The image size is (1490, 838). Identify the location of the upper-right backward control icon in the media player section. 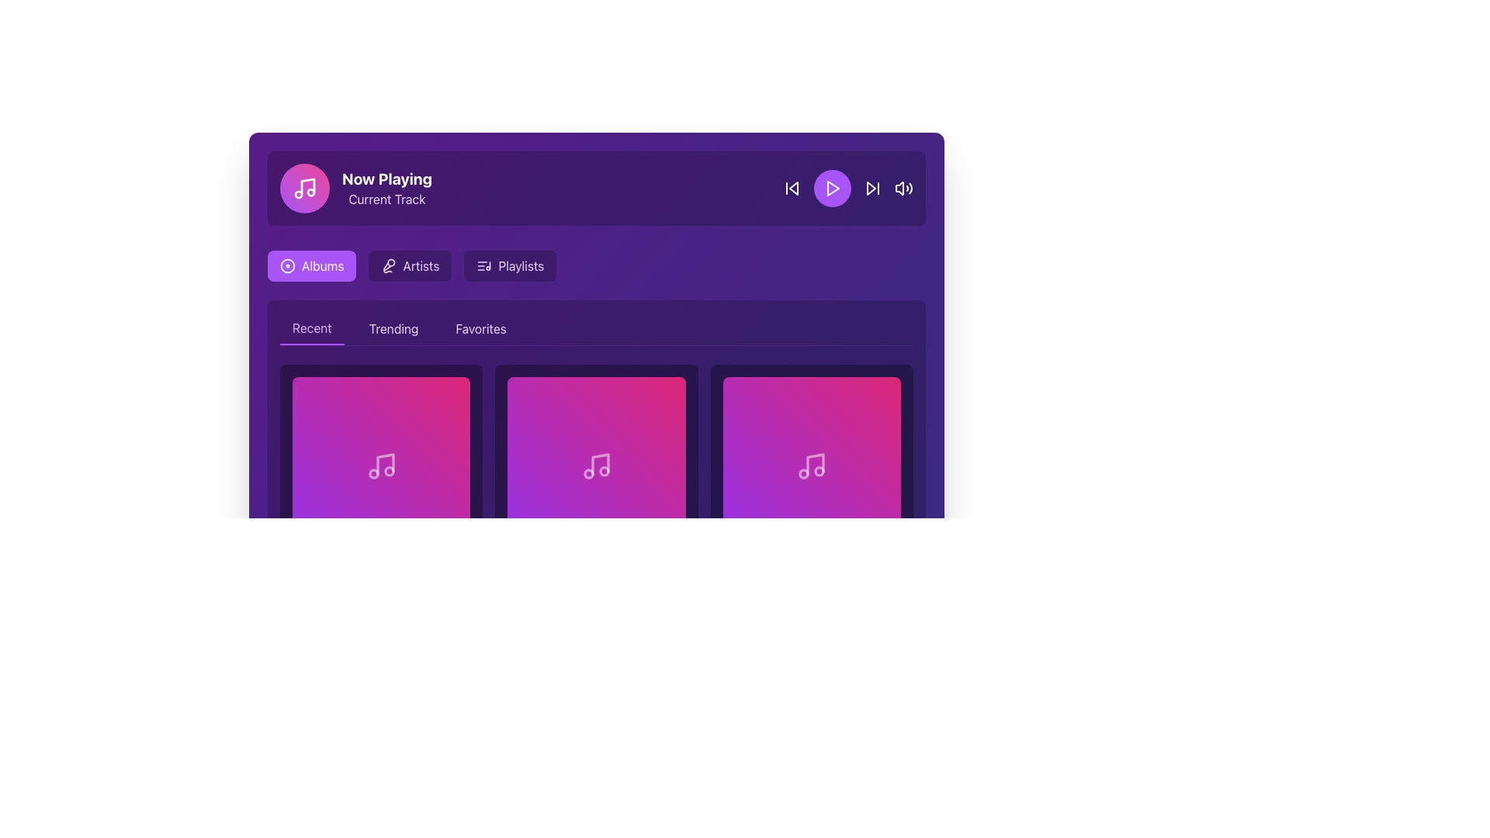
(793, 188).